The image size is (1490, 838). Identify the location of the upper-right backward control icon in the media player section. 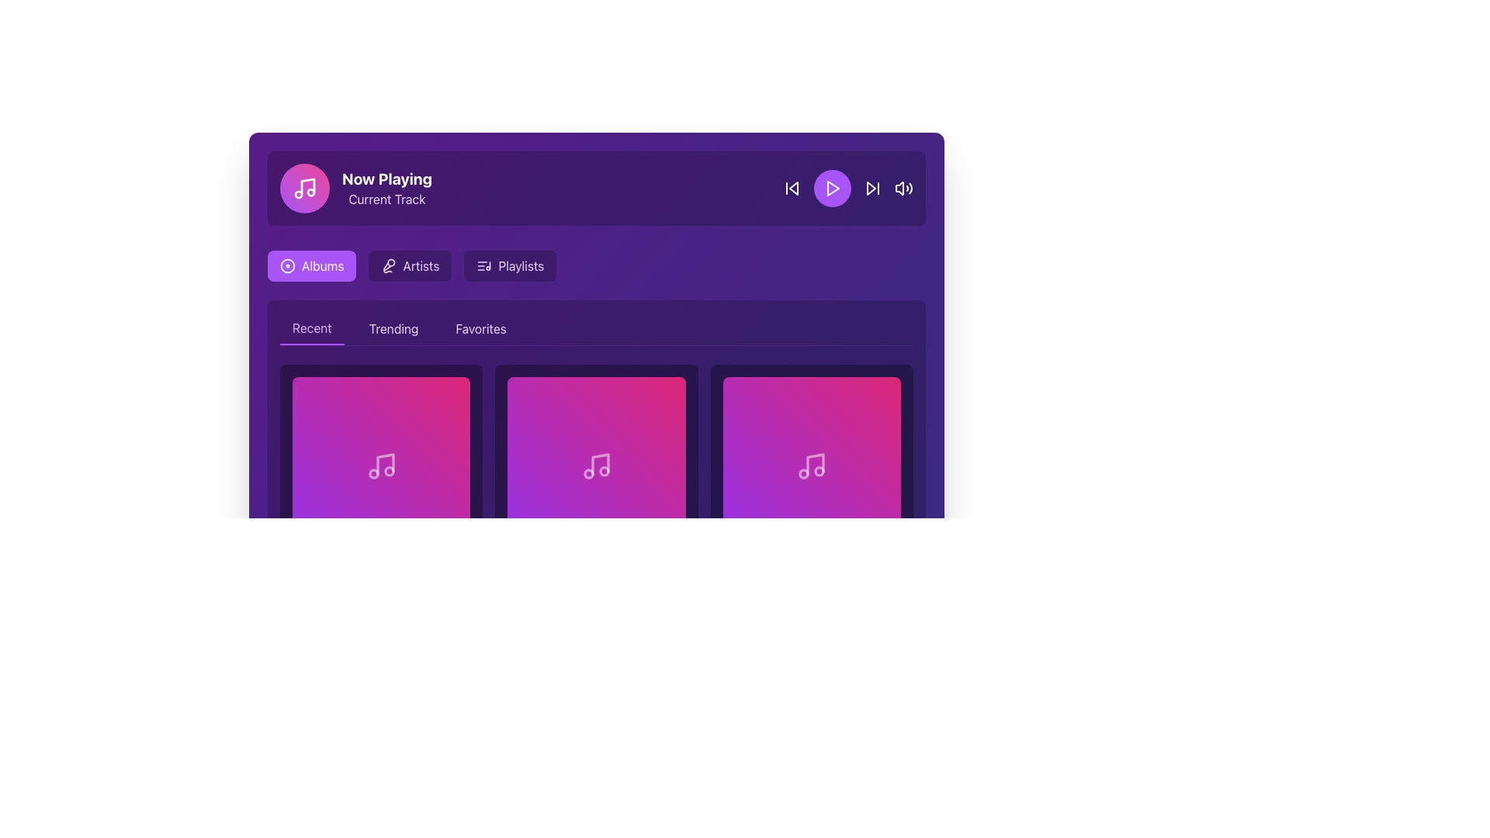
(793, 188).